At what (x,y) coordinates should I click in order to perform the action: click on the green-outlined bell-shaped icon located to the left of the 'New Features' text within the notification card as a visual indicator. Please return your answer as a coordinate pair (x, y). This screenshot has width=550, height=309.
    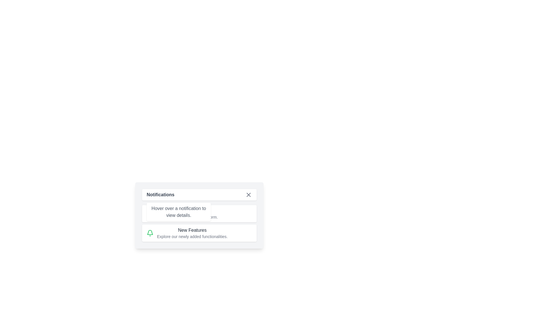
    Looking at the image, I should click on (150, 233).